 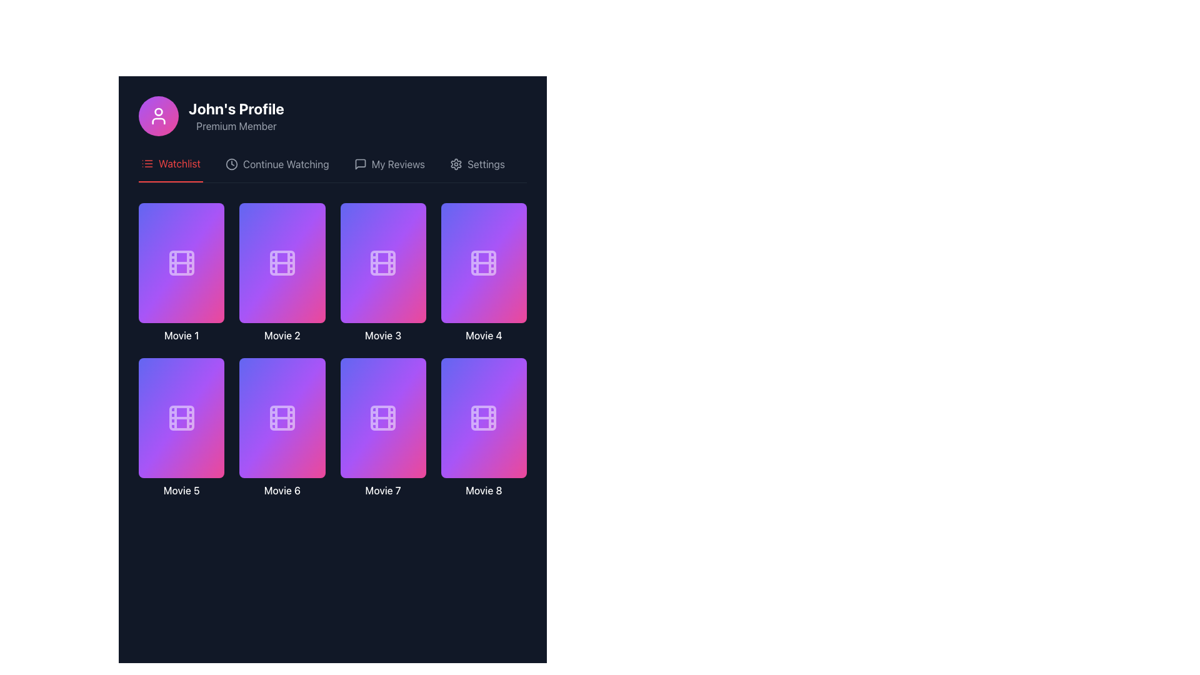 I want to click on the user profile SVG graphic icon located at the top-left section of the interface, so click(x=158, y=116).